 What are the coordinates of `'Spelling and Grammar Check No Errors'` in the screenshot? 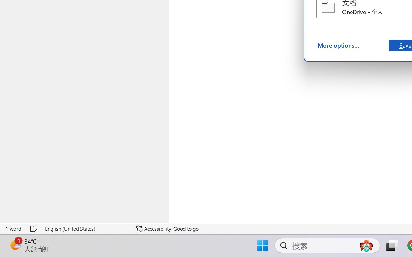 It's located at (33, 228).